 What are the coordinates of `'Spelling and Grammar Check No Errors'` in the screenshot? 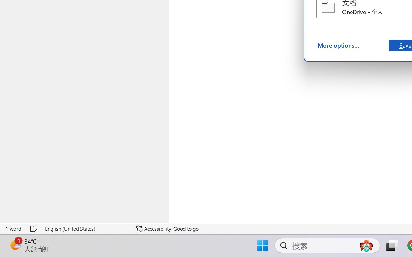 It's located at (33, 228).